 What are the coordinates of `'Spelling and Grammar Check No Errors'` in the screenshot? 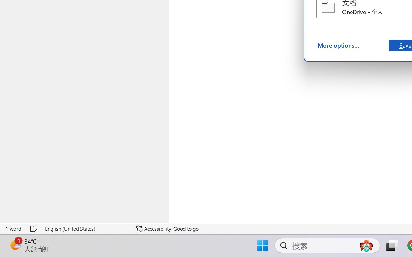 It's located at (33, 228).